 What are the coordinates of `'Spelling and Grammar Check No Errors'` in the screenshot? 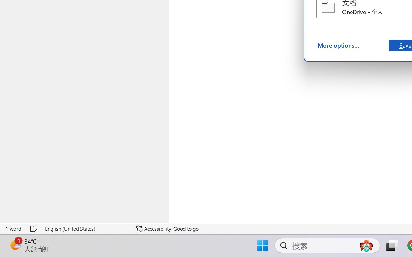 It's located at (33, 228).